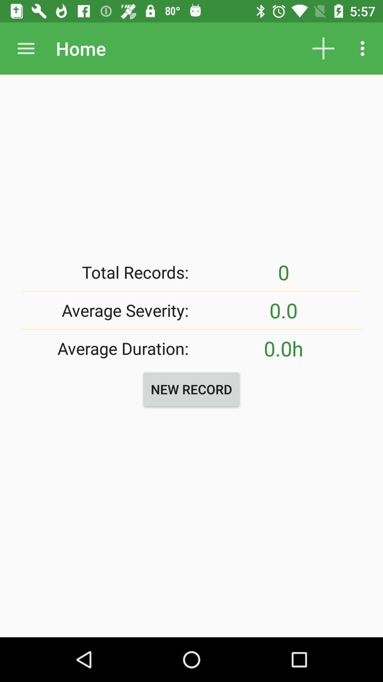  I want to click on menu, so click(26, 48).